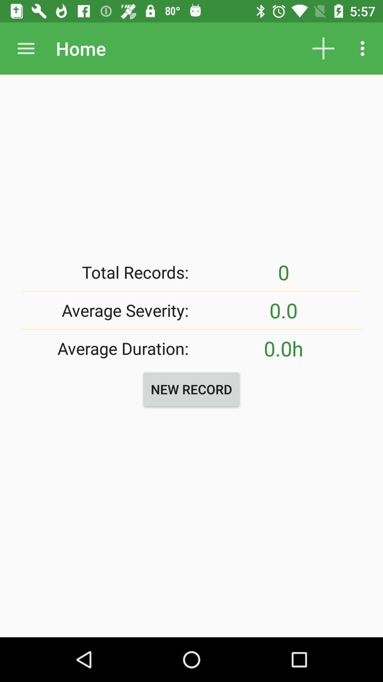  I want to click on menu, so click(26, 48).